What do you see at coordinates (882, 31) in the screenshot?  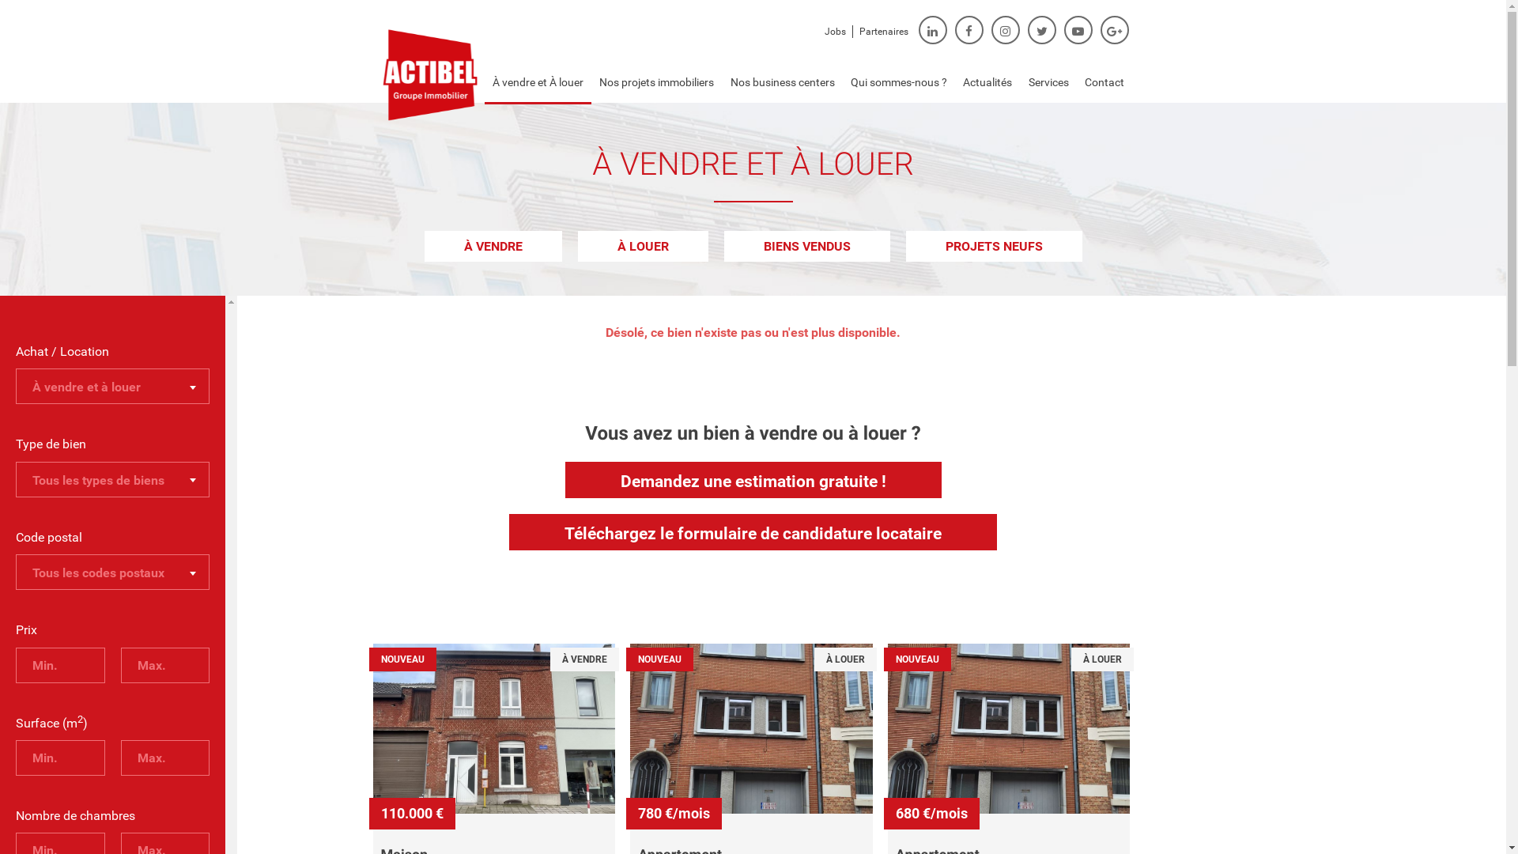 I see `'Partenaires'` at bounding box center [882, 31].